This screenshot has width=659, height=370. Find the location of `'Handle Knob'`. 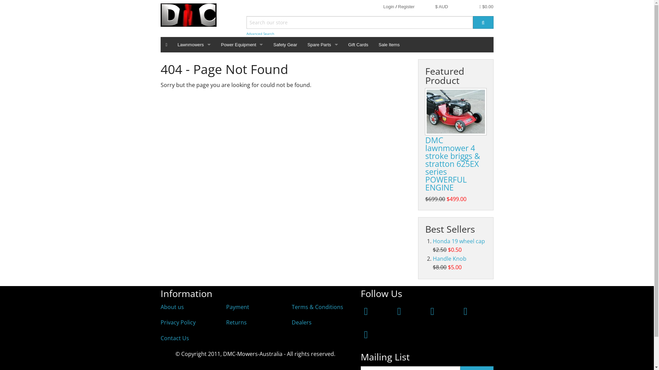

'Handle Knob' is located at coordinates (450, 259).